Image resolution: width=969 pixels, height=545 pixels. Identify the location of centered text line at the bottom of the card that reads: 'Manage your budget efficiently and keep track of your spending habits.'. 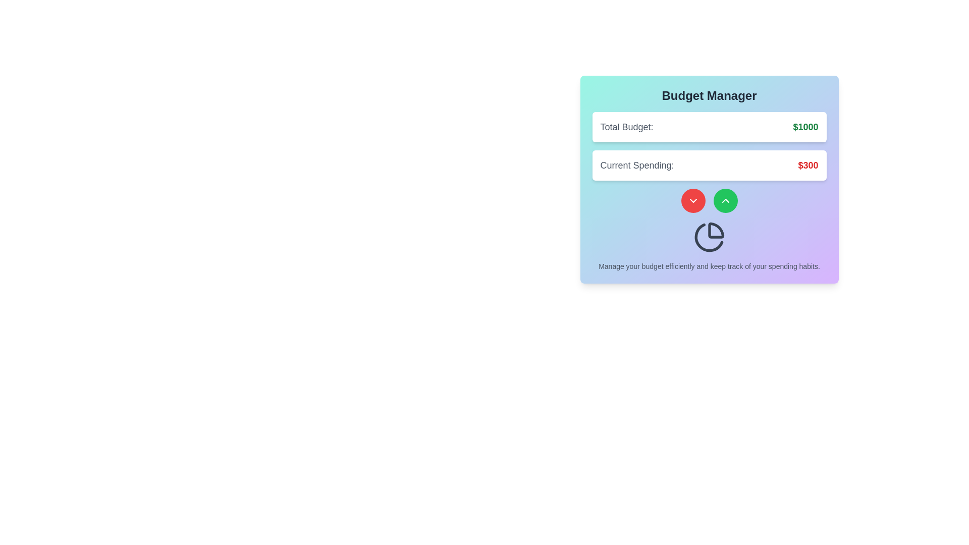
(709, 266).